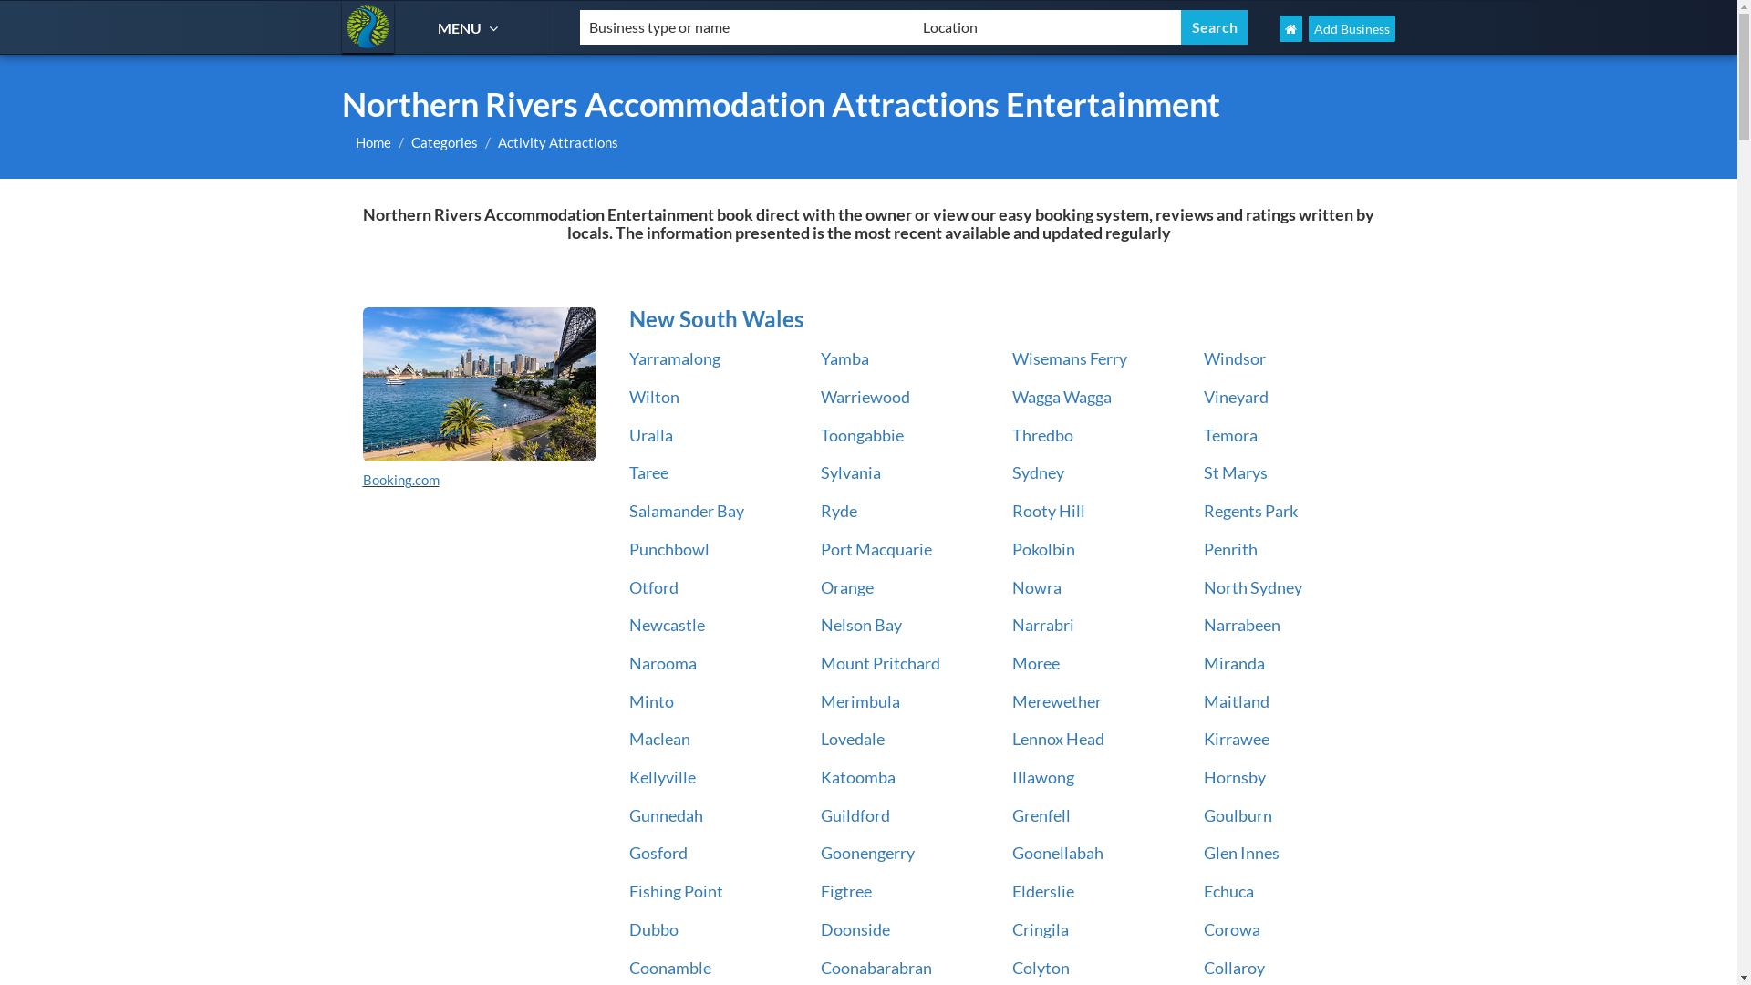  I want to click on 'Wisemans Ferry', so click(1069, 358).